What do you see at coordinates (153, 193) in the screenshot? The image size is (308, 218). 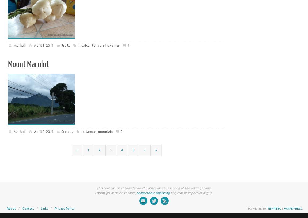 I see `'consectetur adipiscing'` at bounding box center [153, 193].